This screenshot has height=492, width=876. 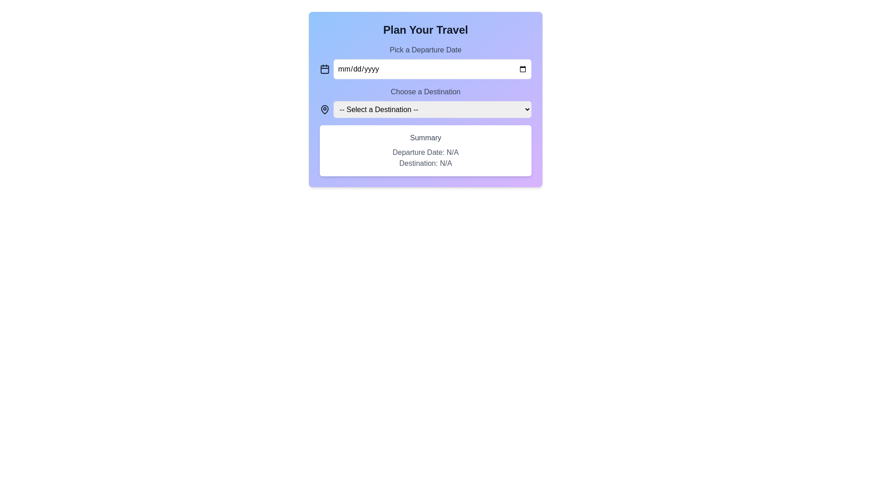 What do you see at coordinates (425, 163) in the screenshot?
I see `the static text label that provides information about the selected destination for the travel plan, located below 'Summary' in the card section` at bounding box center [425, 163].